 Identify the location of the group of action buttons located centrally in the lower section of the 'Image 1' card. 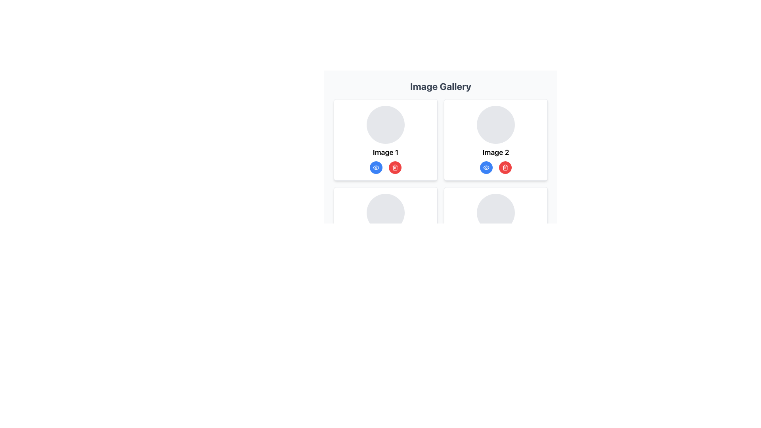
(386, 167).